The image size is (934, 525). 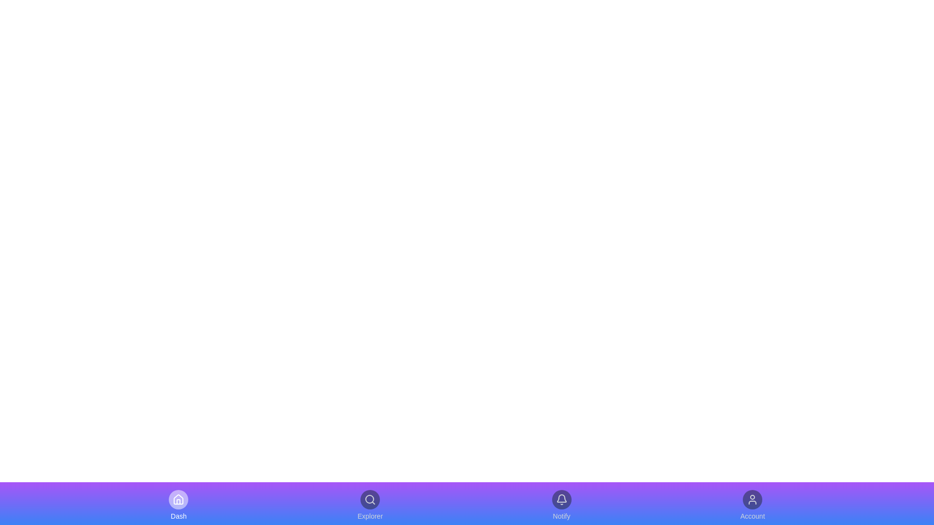 I want to click on the navigation item labeled Notify, so click(x=561, y=505).